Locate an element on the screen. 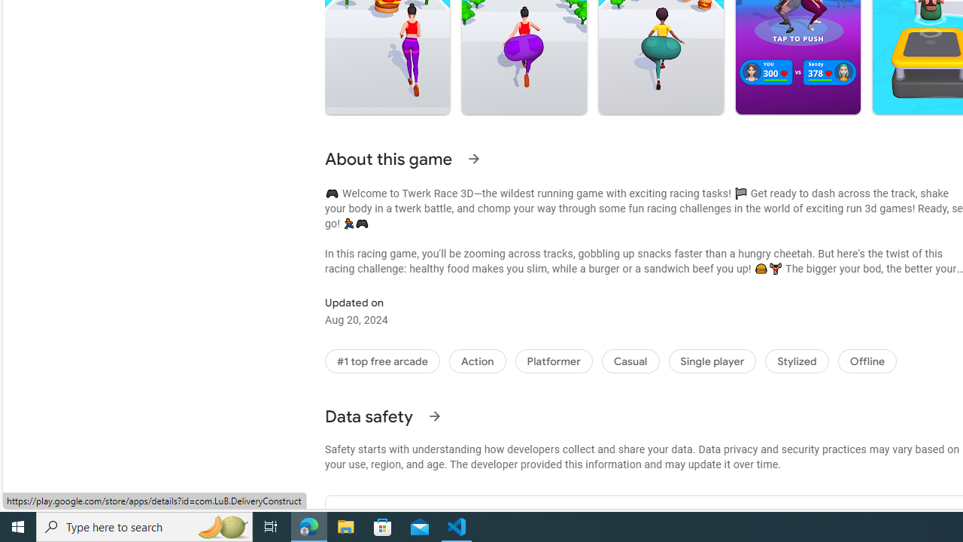 This screenshot has height=542, width=963. 'Single player' is located at coordinates (711, 361).